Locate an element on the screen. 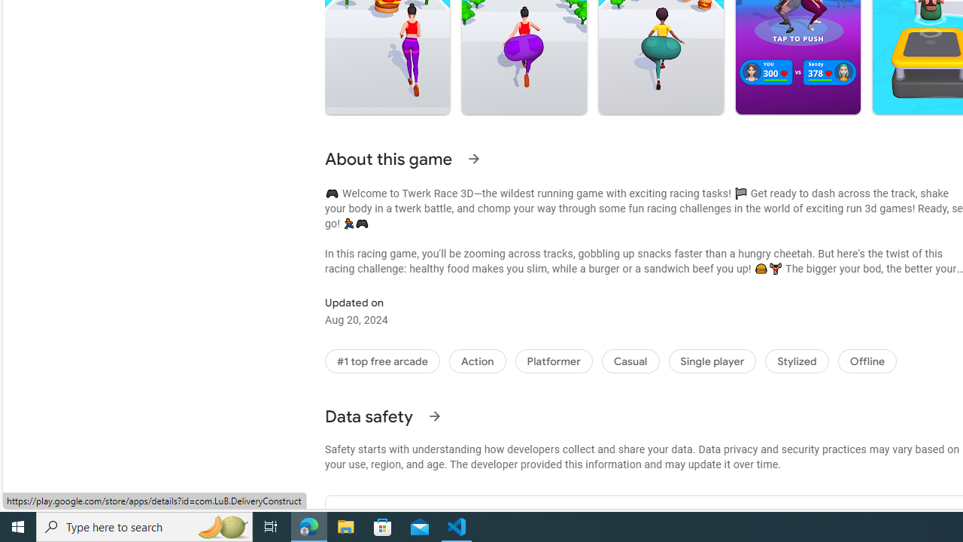 This screenshot has height=542, width=963. 'Single player' is located at coordinates (711, 361).